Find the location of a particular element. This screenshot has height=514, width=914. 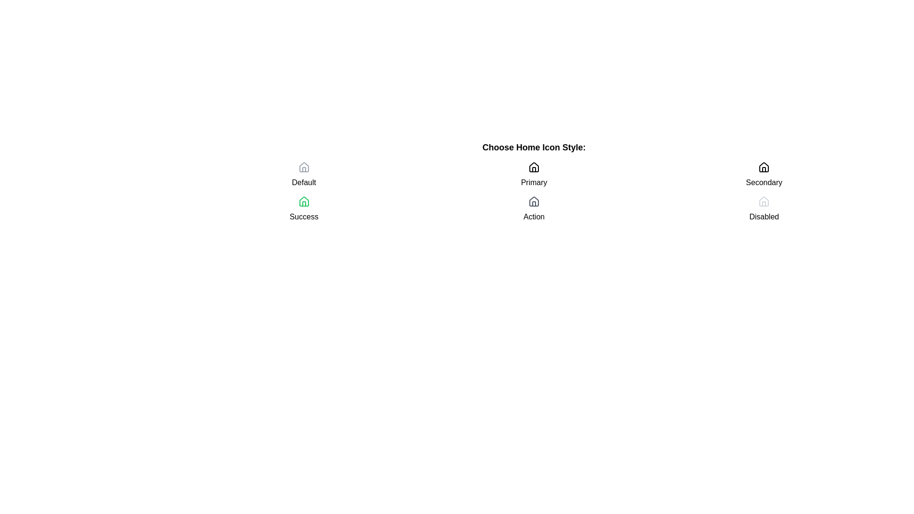

the text label displaying 'Primary' in a black font, located below the home icon and above the 'Action' label is located at coordinates (534, 183).